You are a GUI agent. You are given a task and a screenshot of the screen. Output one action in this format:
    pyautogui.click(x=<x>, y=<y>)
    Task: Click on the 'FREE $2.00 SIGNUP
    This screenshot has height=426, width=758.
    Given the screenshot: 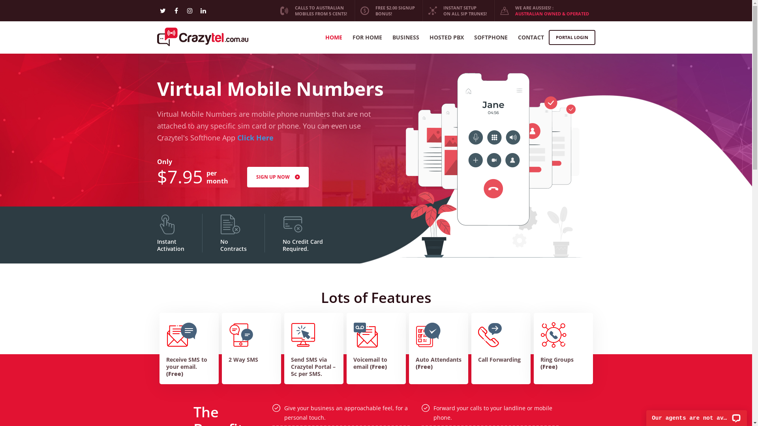 What is the action you would take?
    pyautogui.click(x=388, y=11)
    